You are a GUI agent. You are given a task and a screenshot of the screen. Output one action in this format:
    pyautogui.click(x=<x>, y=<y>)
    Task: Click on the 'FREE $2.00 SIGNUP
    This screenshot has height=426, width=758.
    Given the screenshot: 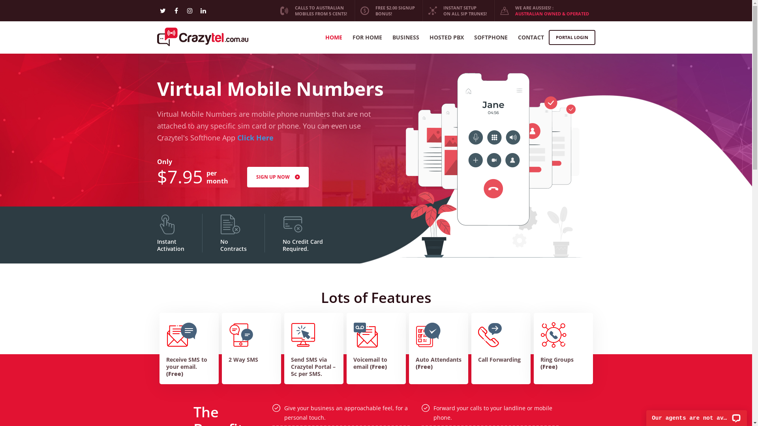 What is the action you would take?
    pyautogui.click(x=388, y=11)
    